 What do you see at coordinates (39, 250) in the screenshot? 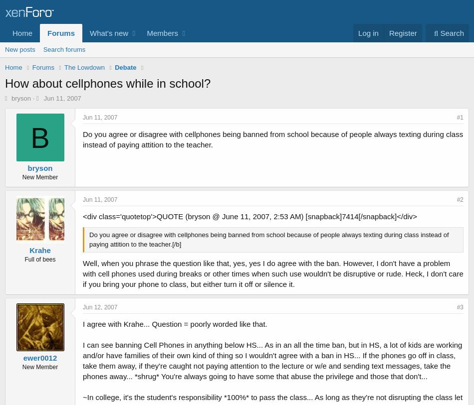
I see `'Krahe'` at bounding box center [39, 250].